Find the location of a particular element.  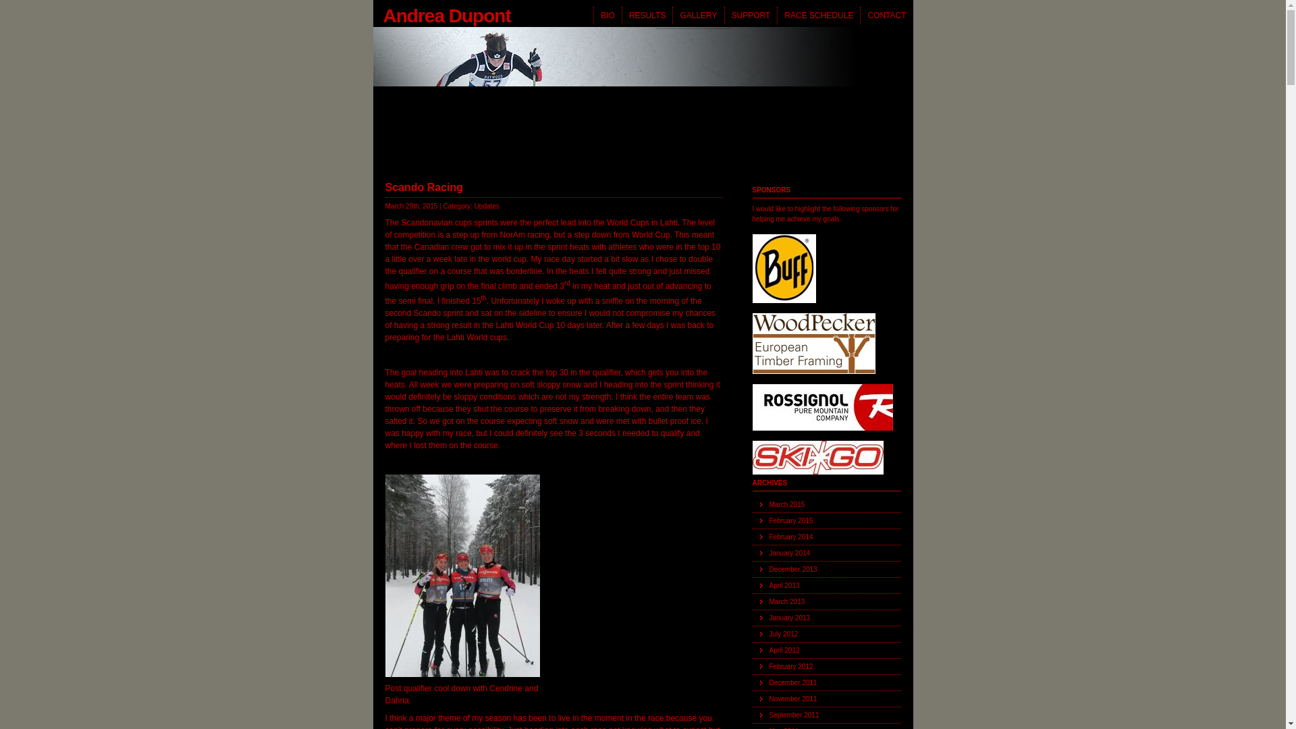

'February 2012' is located at coordinates (826, 666).